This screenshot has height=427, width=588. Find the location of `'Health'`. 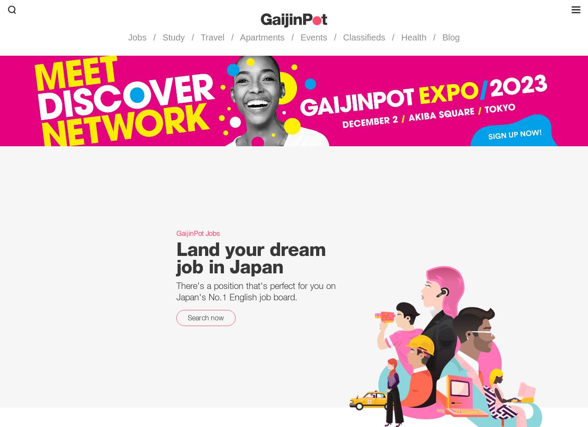

'Health' is located at coordinates (413, 37).